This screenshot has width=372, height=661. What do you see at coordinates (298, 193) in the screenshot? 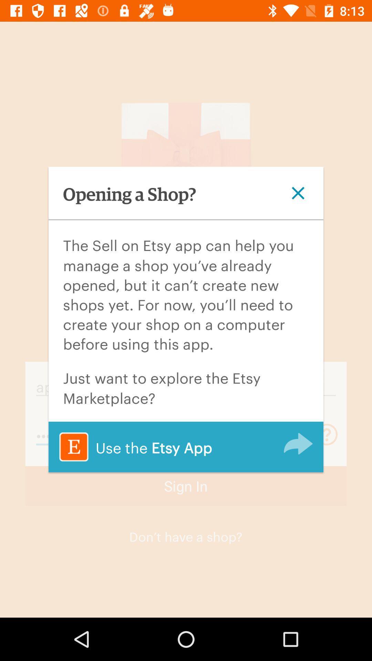
I see `item at the top right corner` at bounding box center [298, 193].